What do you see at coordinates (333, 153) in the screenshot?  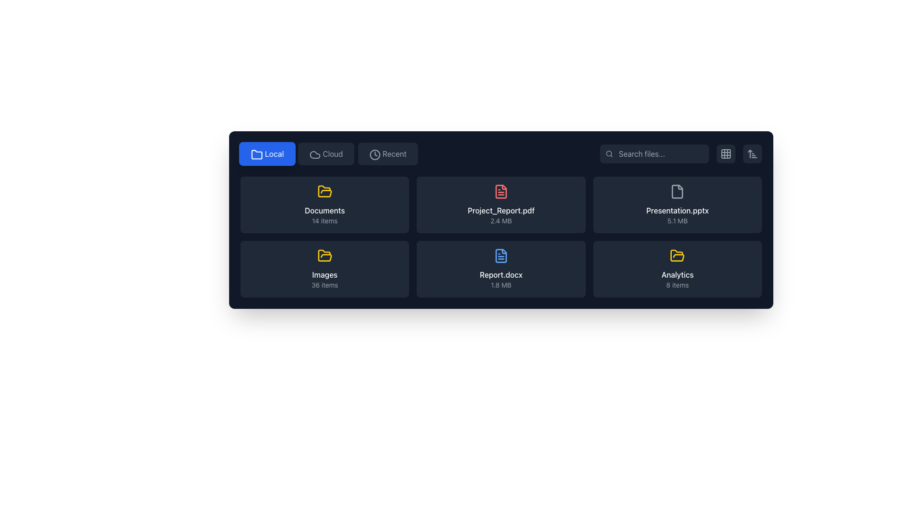 I see `the button labeled 'Cloud'` at bounding box center [333, 153].